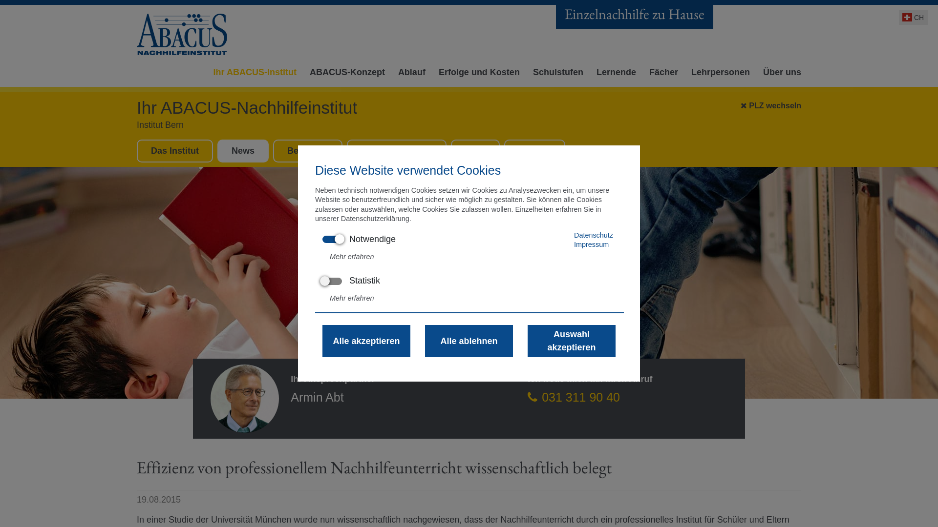 This screenshot has width=938, height=527. I want to click on 'Alle akzeptieren', so click(365, 340).